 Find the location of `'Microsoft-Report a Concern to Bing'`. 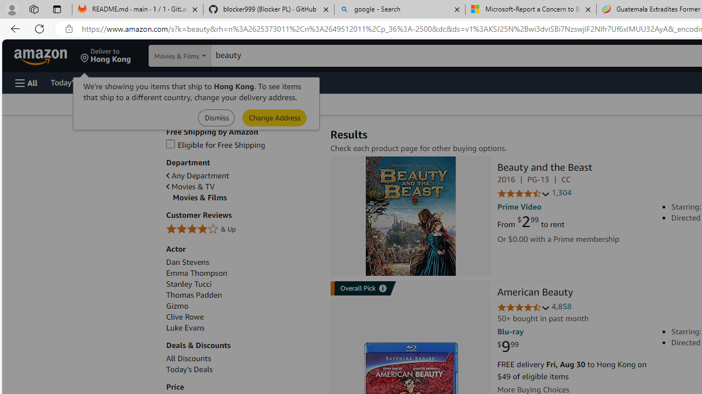

'Microsoft-Report a Concern to Bing' is located at coordinates (530, 9).